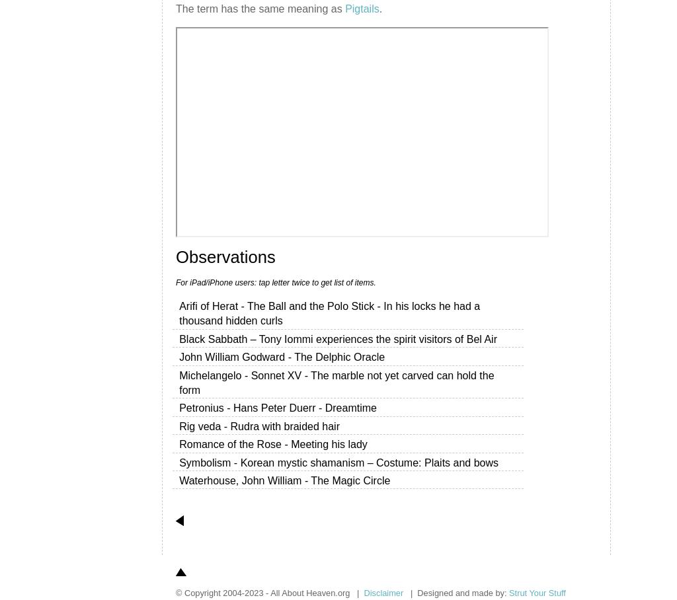 The width and height of the screenshot is (677, 600). Describe the element at coordinates (274, 283) in the screenshot. I see `'For iPad/iPhone users: tap letter twice to get list of items.'` at that location.